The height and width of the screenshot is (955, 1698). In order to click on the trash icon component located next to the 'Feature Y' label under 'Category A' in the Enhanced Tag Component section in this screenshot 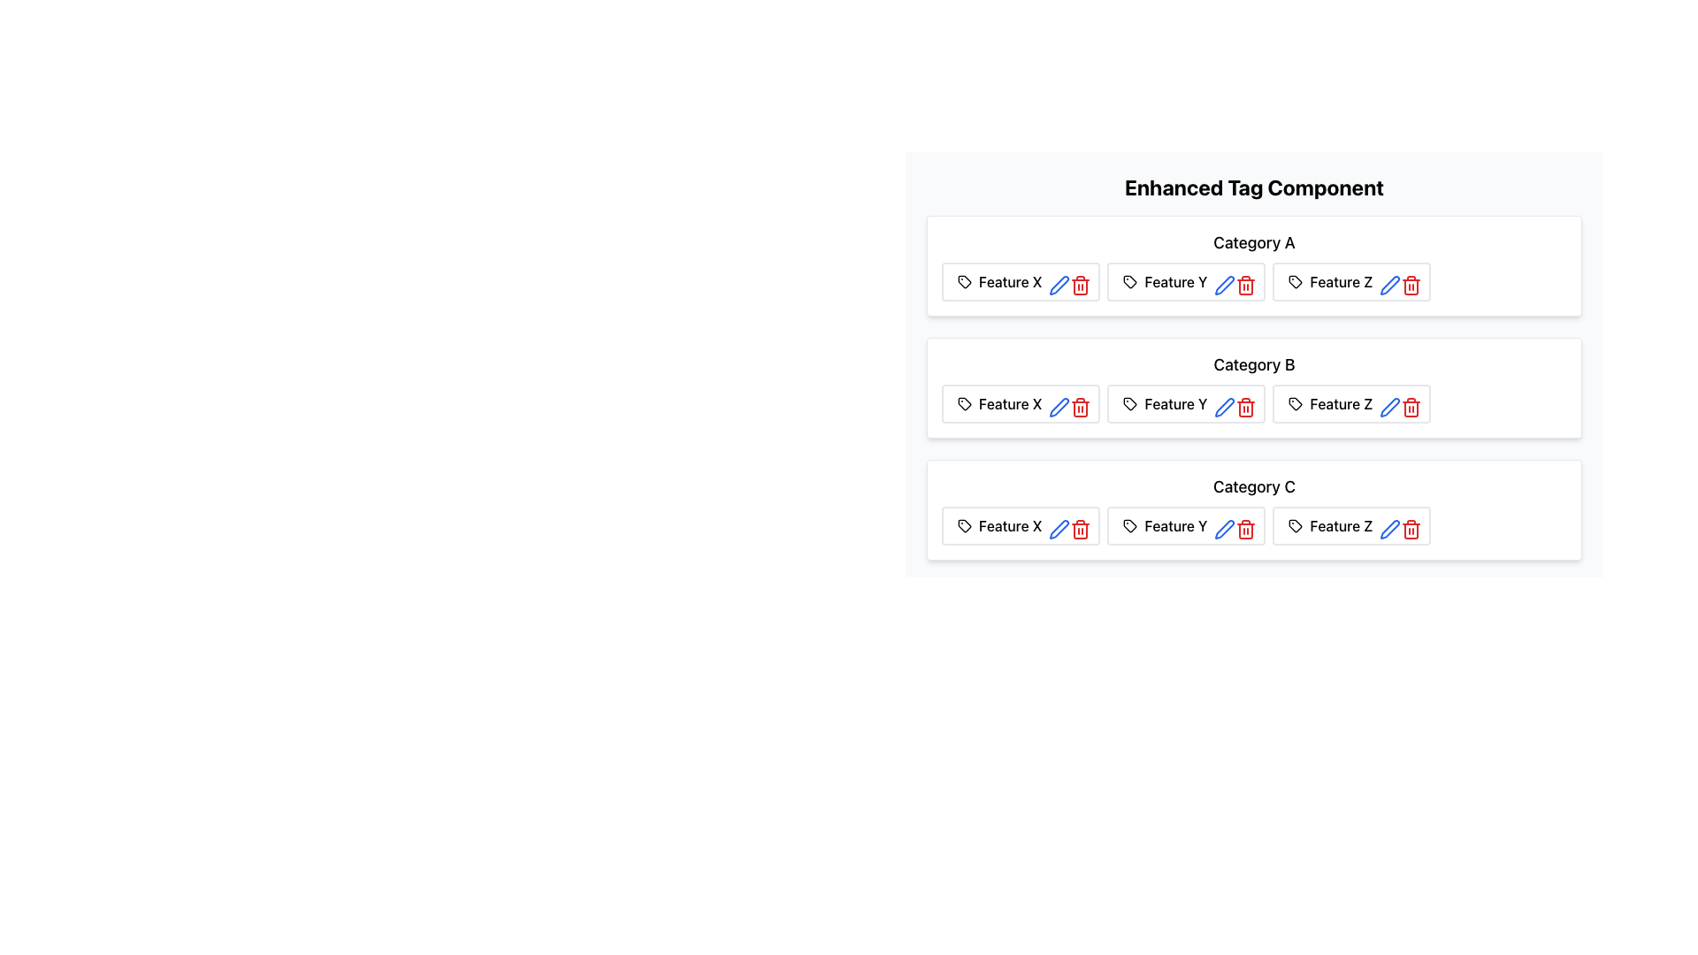, I will do `click(1245, 286)`.